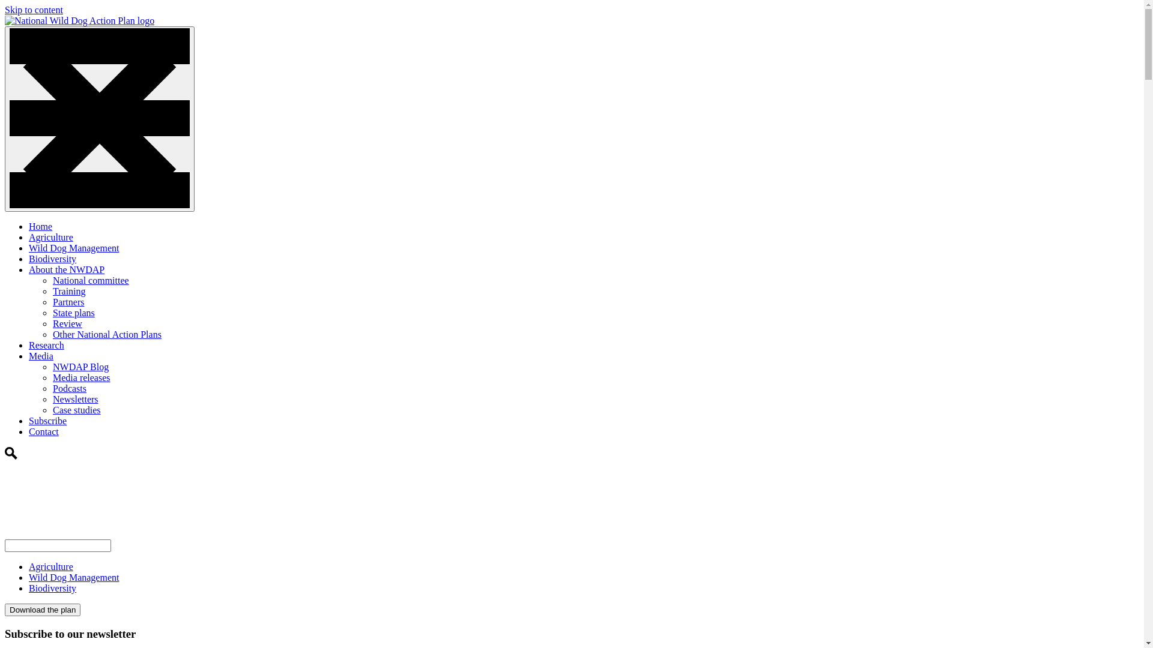 The height and width of the screenshot is (648, 1153). What do you see at coordinates (90, 280) in the screenshot?
I see `'National committee'` at bounding box center [90, 280].